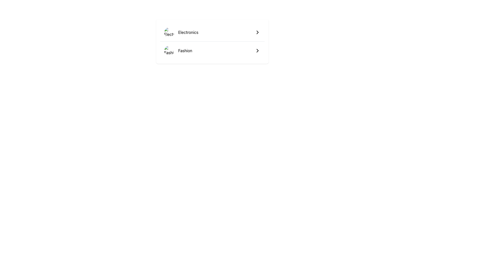  Describe the element at coordinates (212, 50) in the screenshot. I see `the 'Fashion' button in the vertical list` at that location.